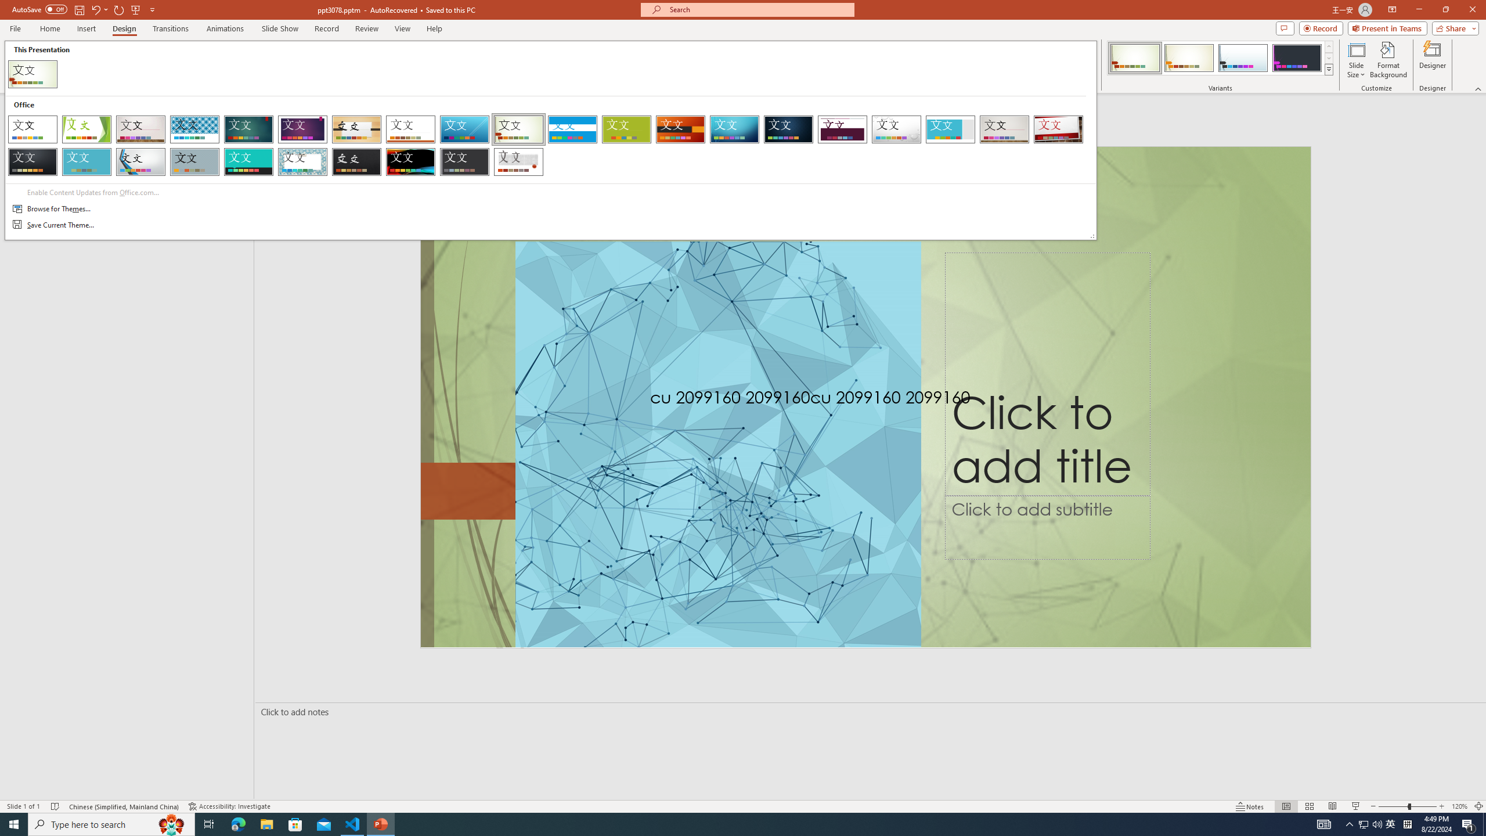  What do you see at coordinates (1370, 823) in the screenshot?
I see `'User Promoted Notification Area'` at bounding box center [1370, 823].